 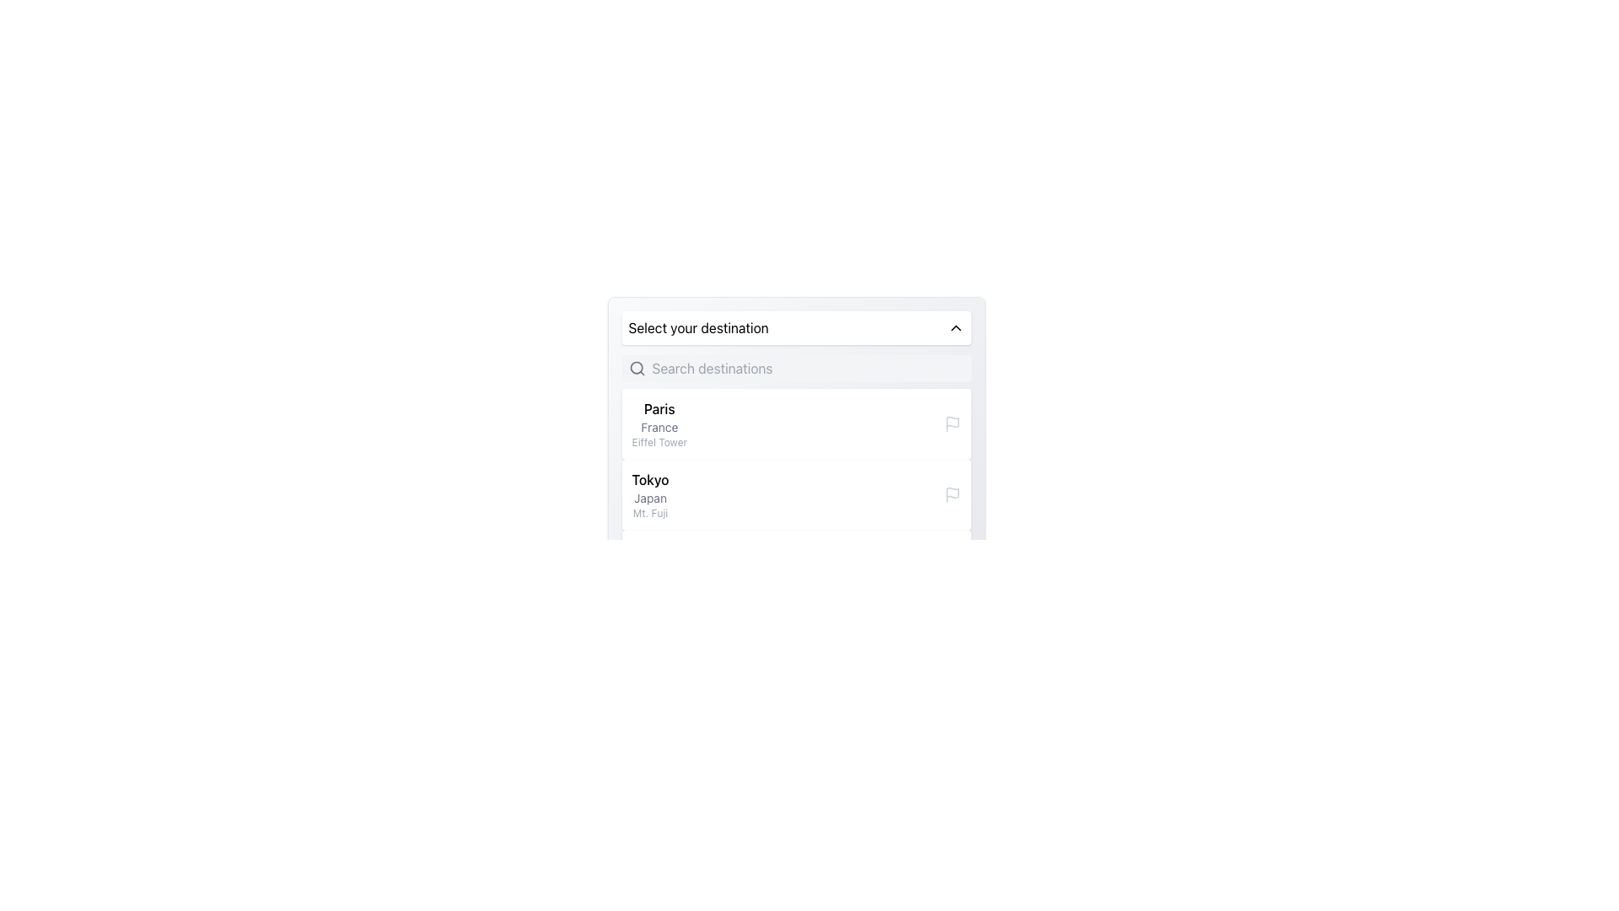 I want to click on on the Text Block element containing 'Tokyo', 'Japan', and 'Mt. Fuji', so click(x=649, y=493).